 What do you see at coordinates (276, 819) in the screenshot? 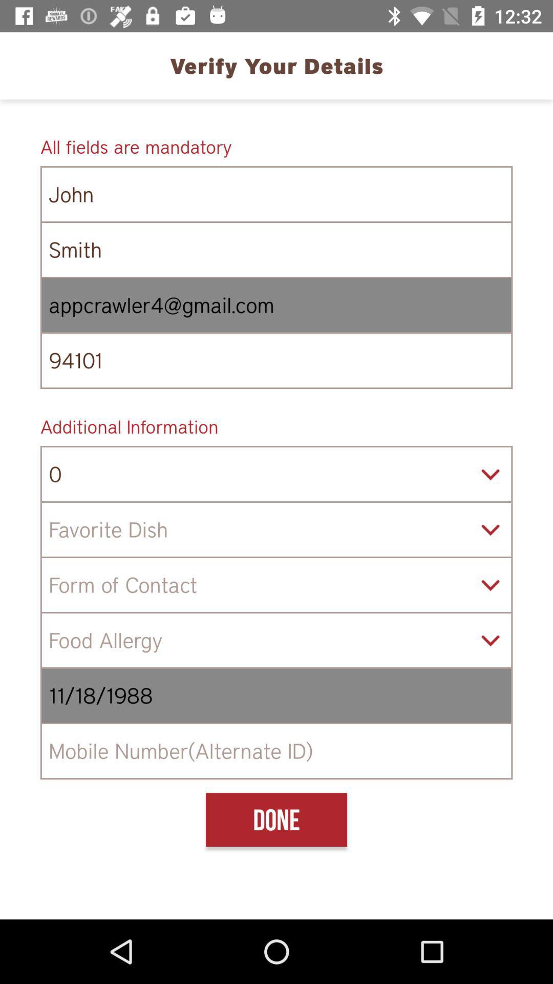
I see `the done item` at bounding box center [276, 819].